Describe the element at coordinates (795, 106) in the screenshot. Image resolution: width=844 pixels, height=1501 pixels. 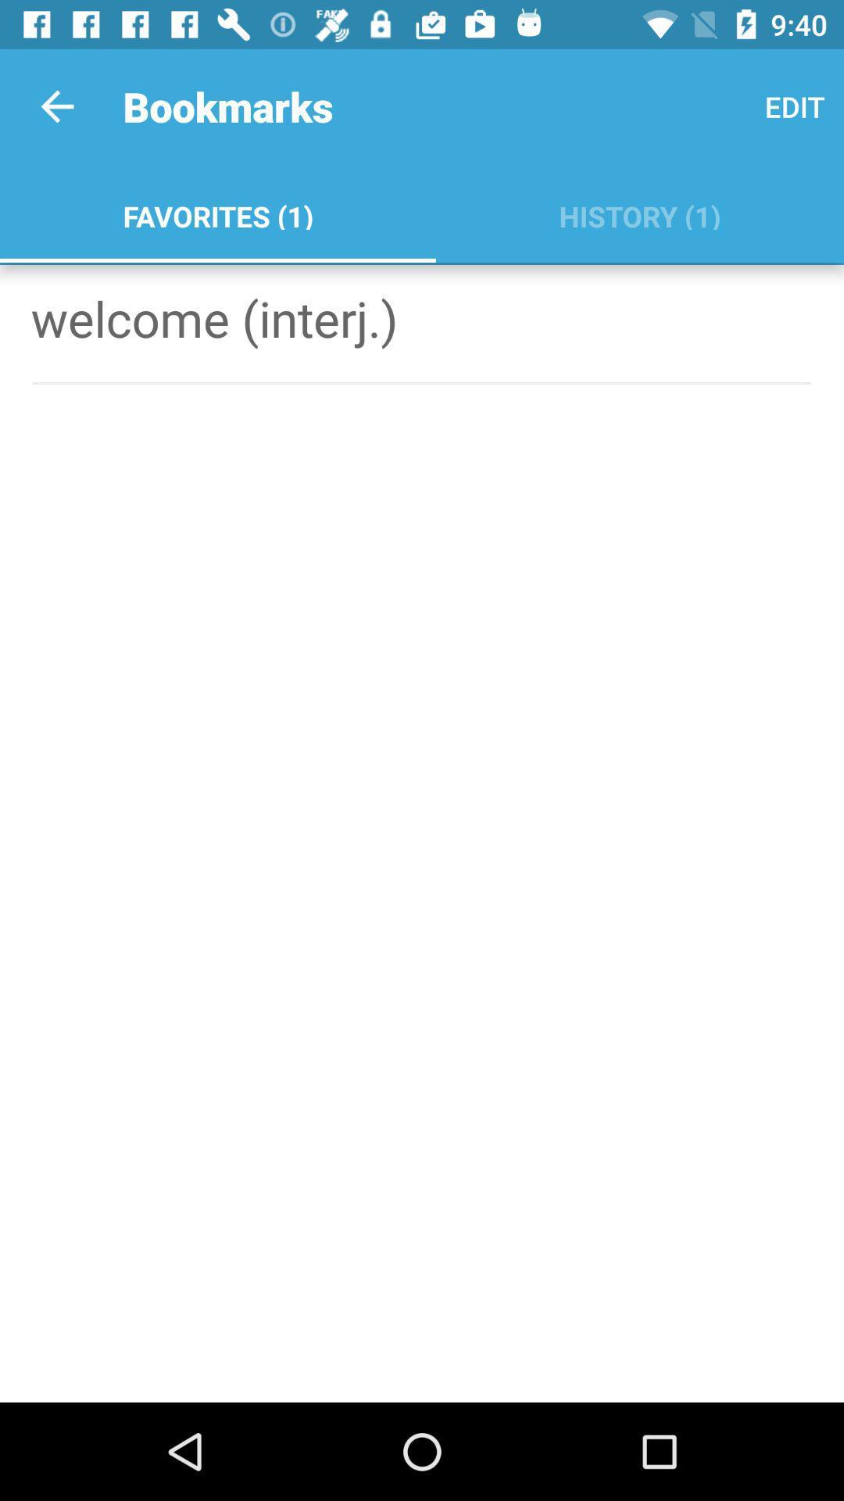
I see `icon to the right of favorites (1) app` at that location.